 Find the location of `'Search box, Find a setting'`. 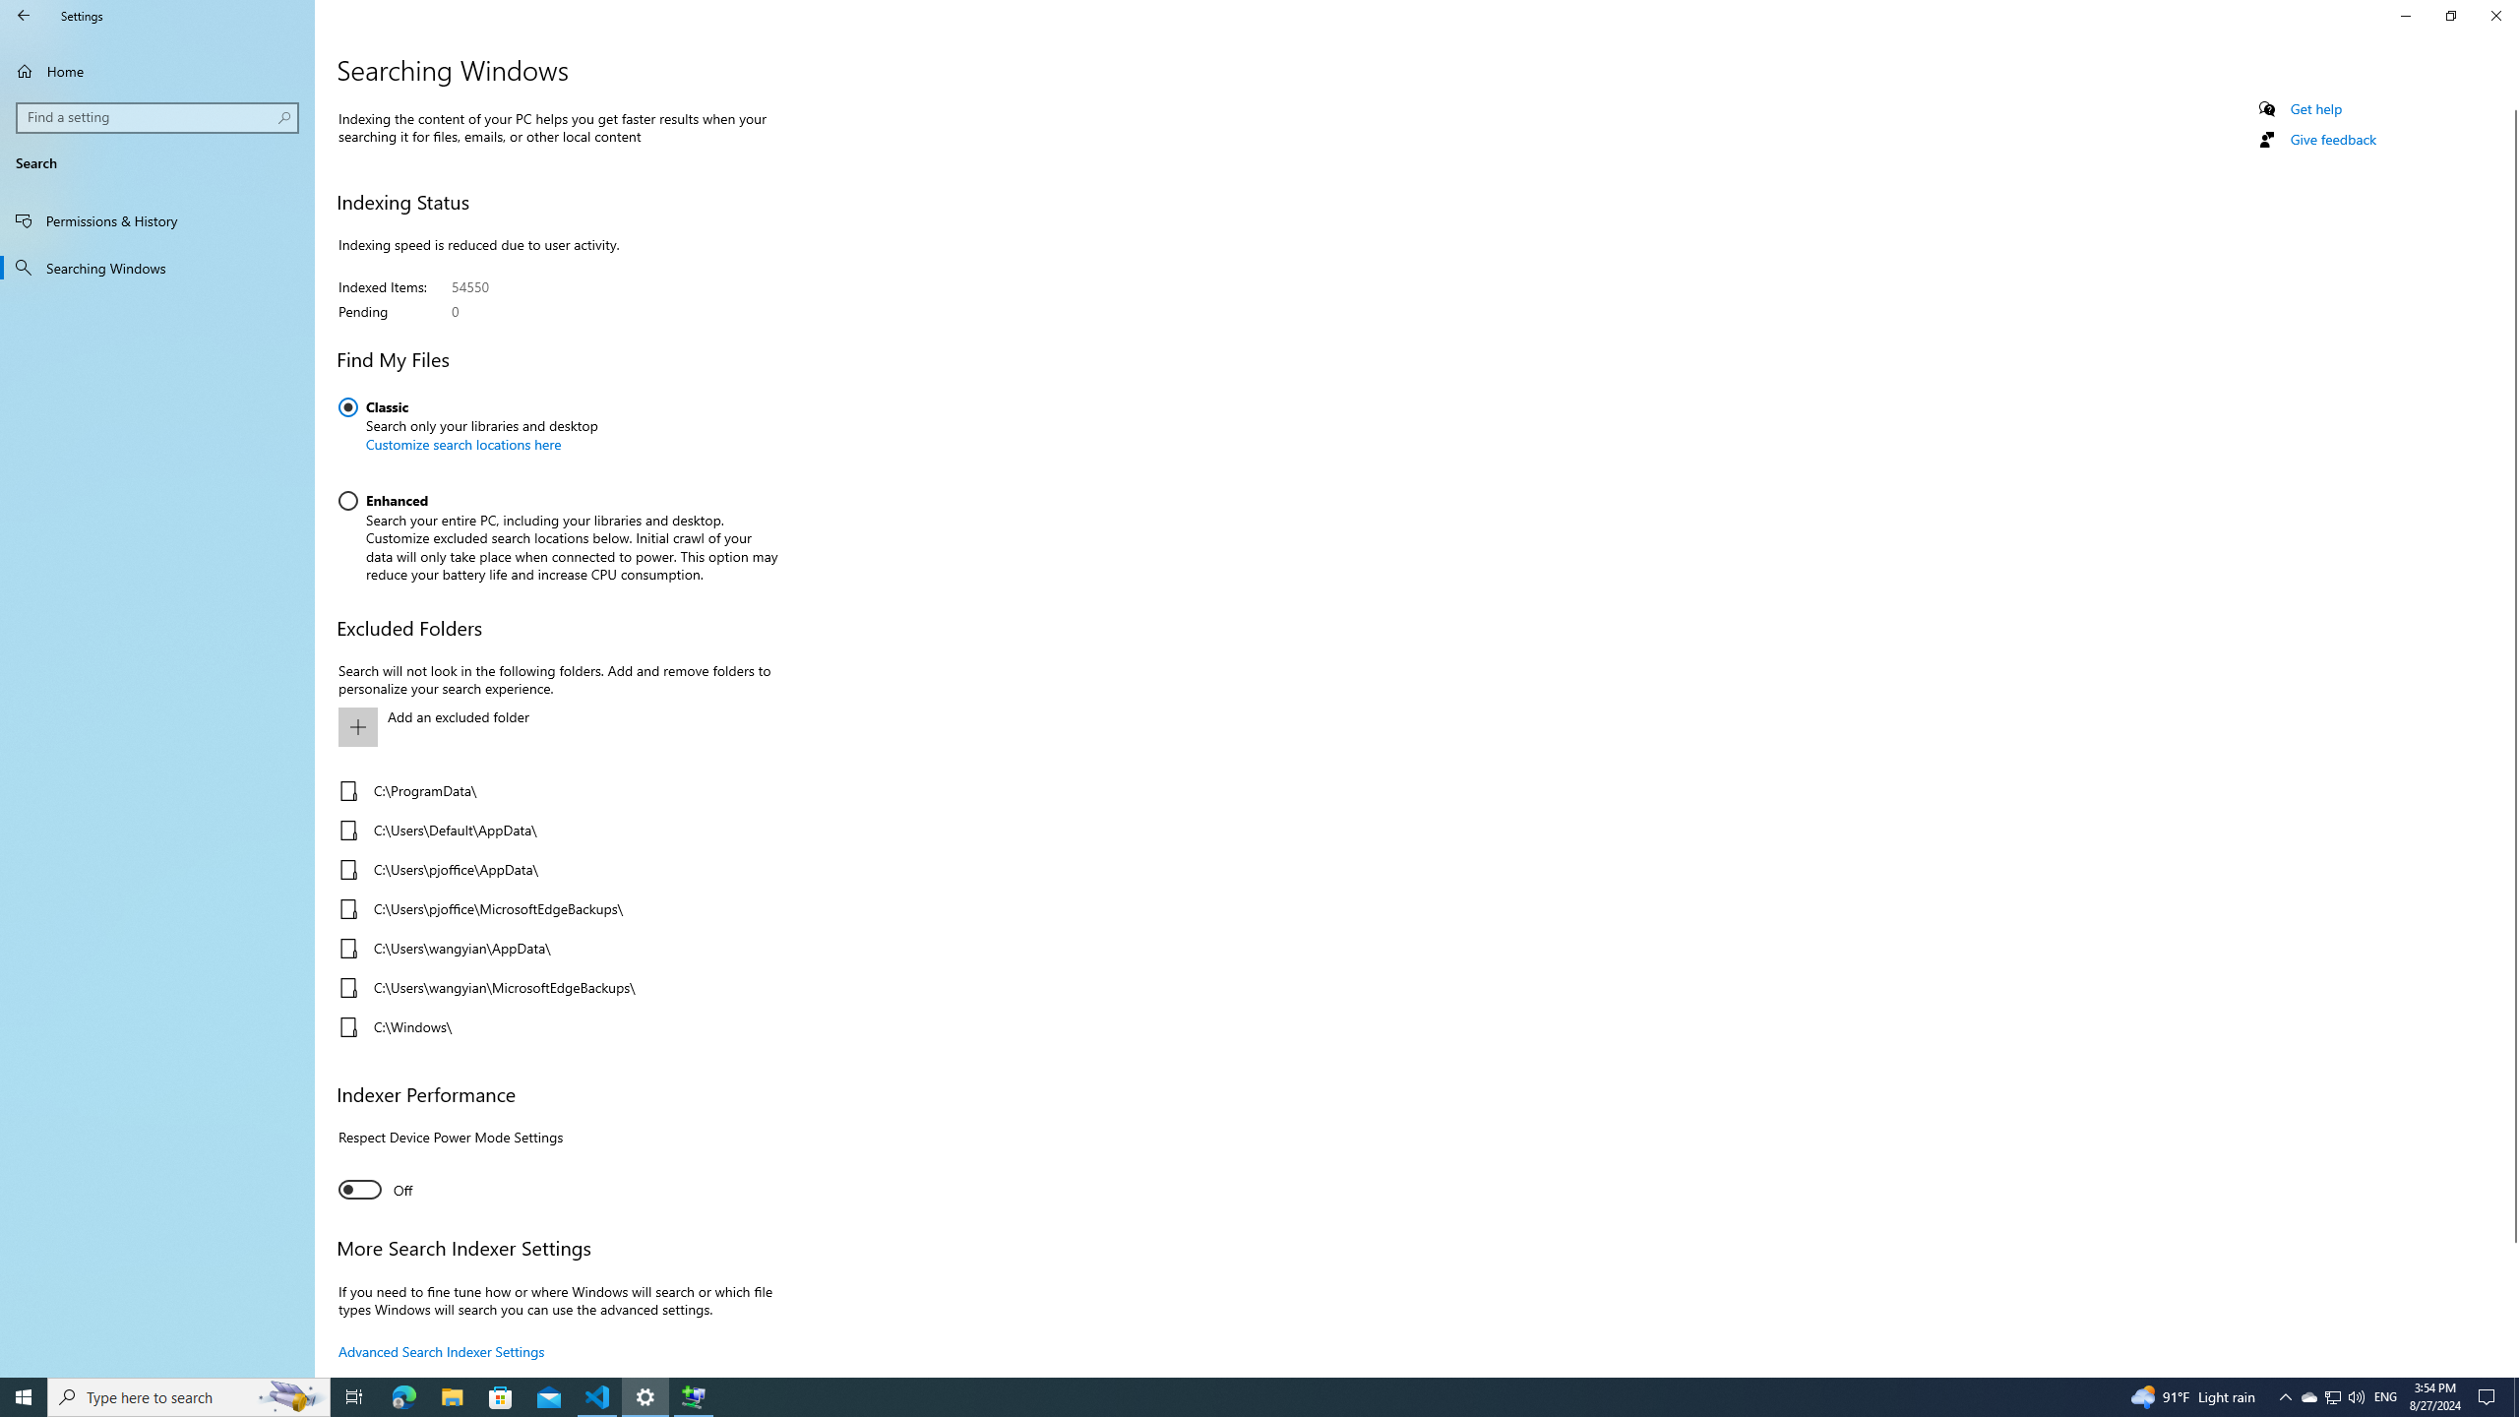

'Search box, Find a setting' is located at coordinates (157, 116).